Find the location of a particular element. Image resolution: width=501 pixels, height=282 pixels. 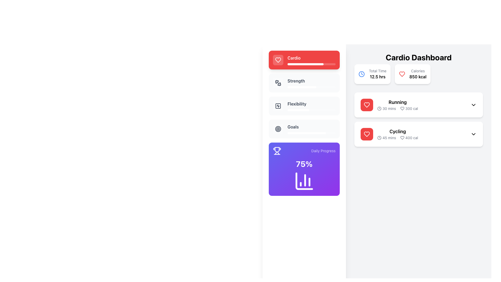

the central cup-like part of the trophy icon that represents an achievement or goal in the application is located at coordinates (277, 150).